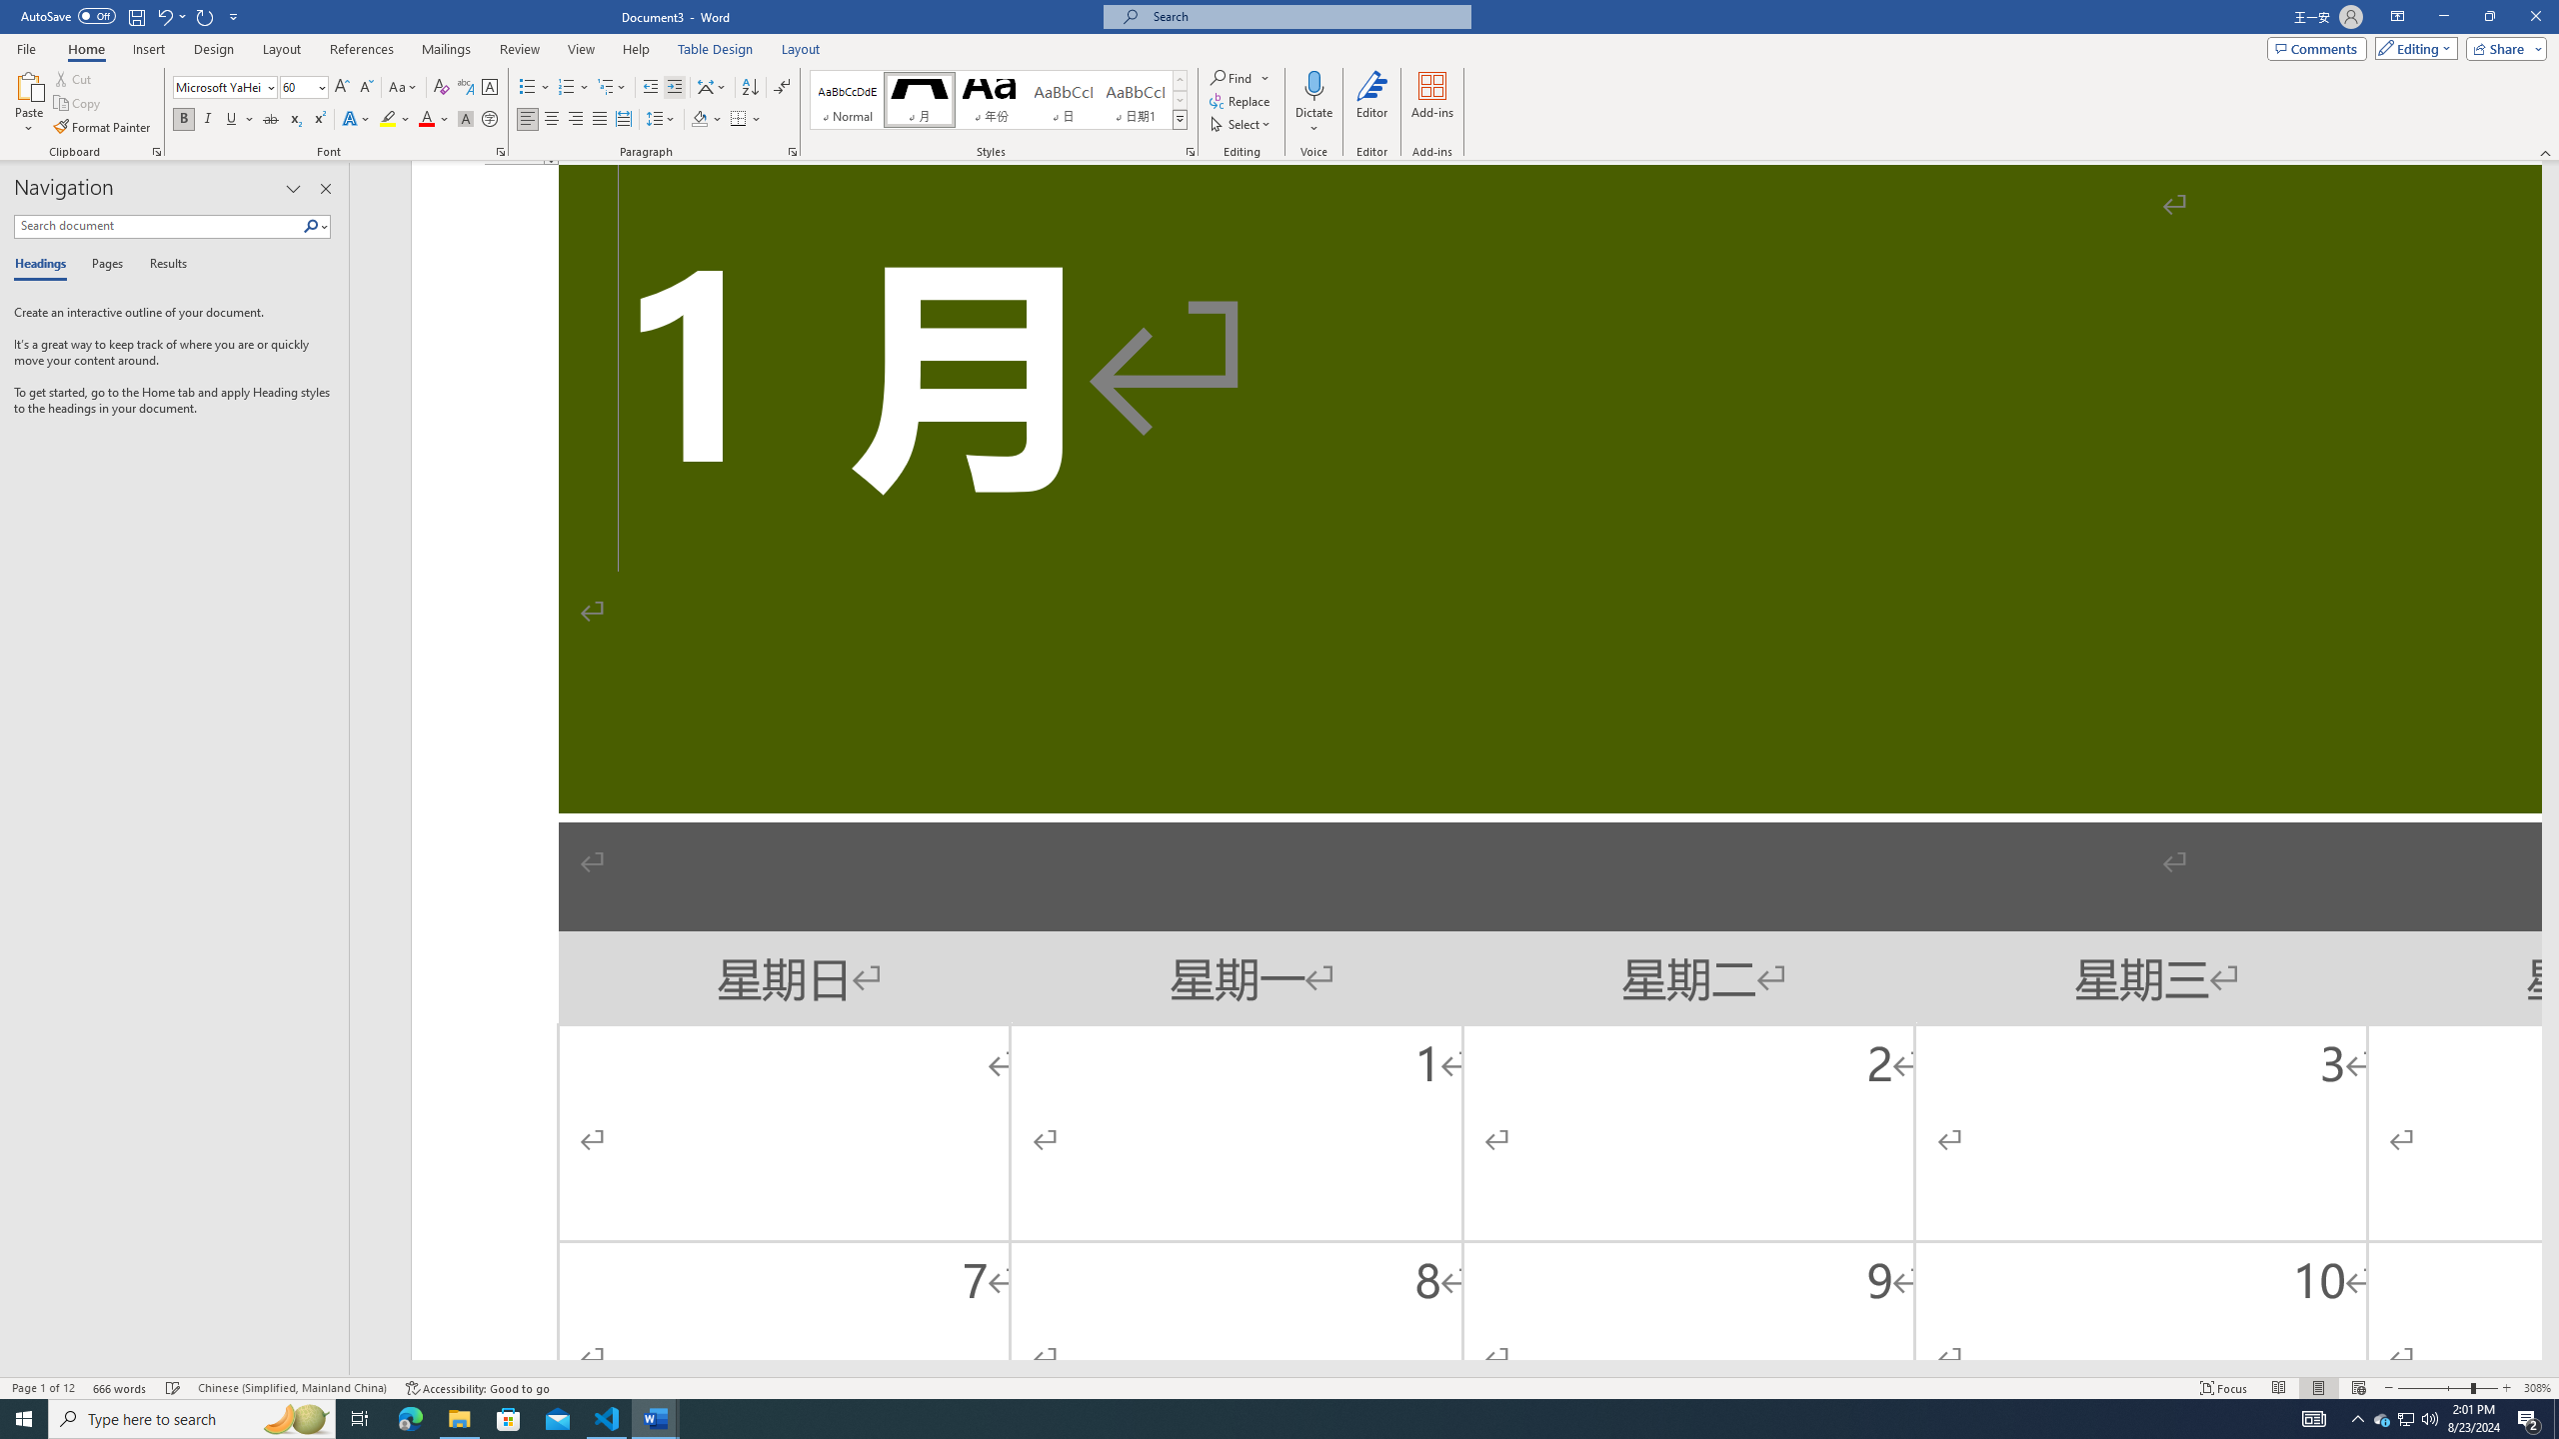 The image size is (2559, 1439). Describe the element at coordinates (205, 15) in the screenshot. I see `'Repeat Increase Indent'` at that location.